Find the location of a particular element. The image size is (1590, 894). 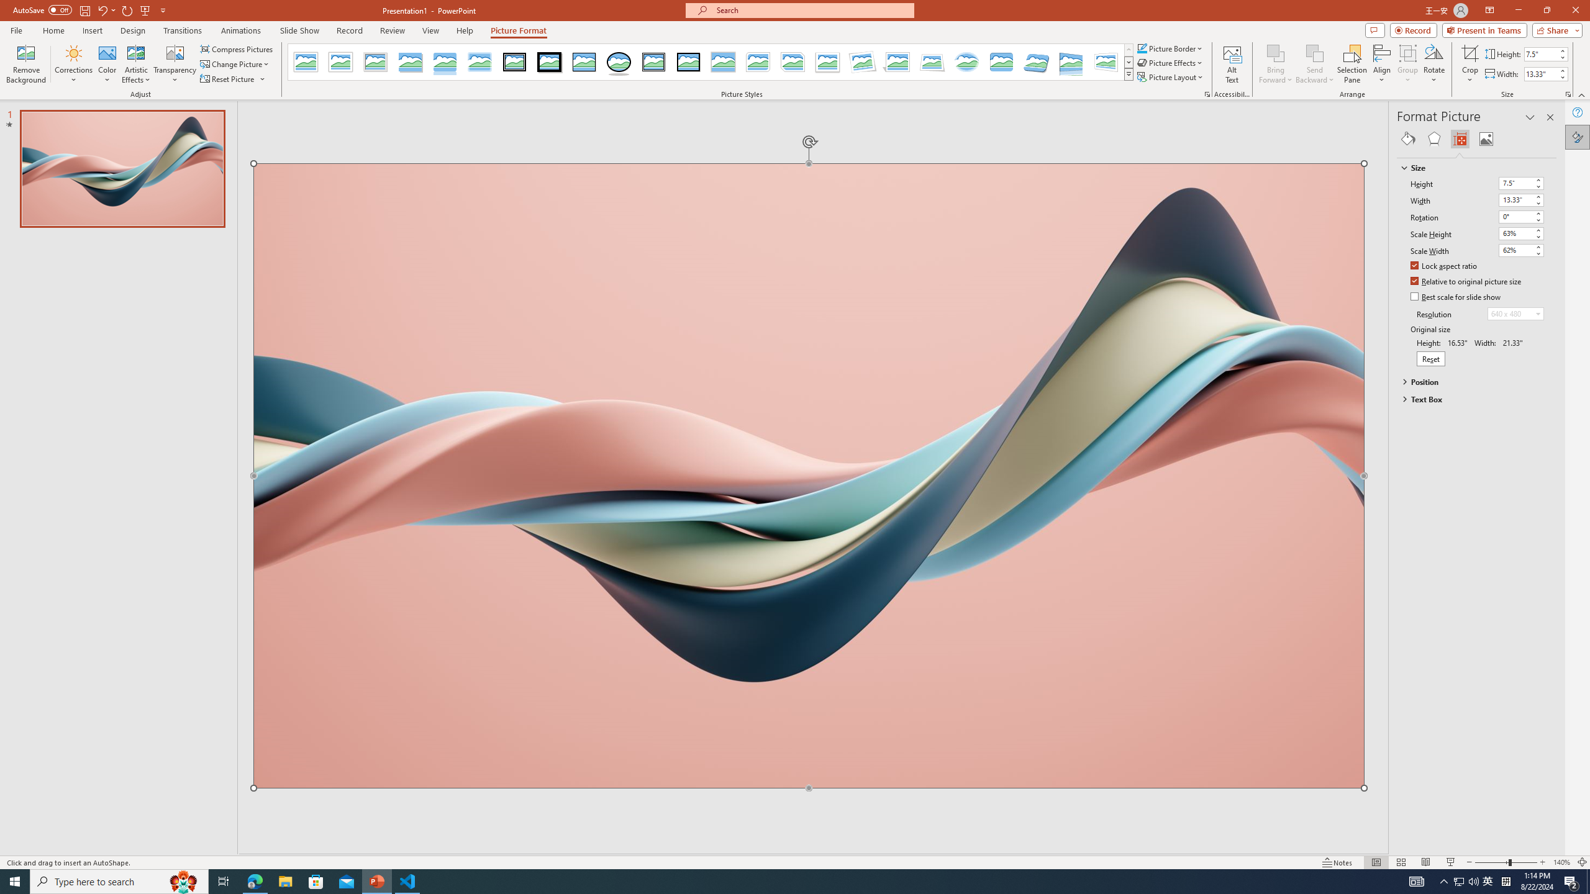

'Crop' is located at coordinates (1469, 64).